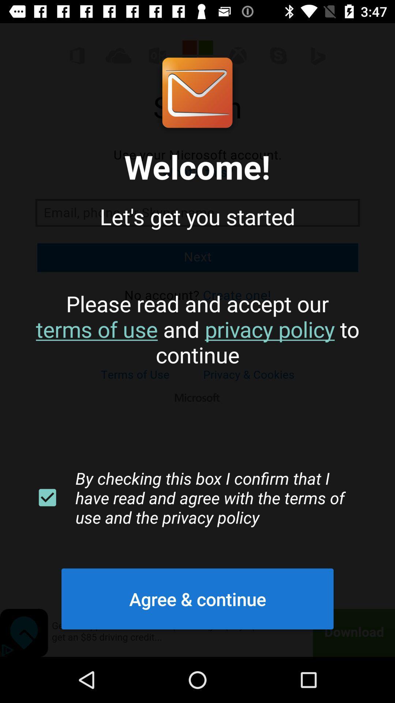  I want to click on agree & continue, so click(197, 599).